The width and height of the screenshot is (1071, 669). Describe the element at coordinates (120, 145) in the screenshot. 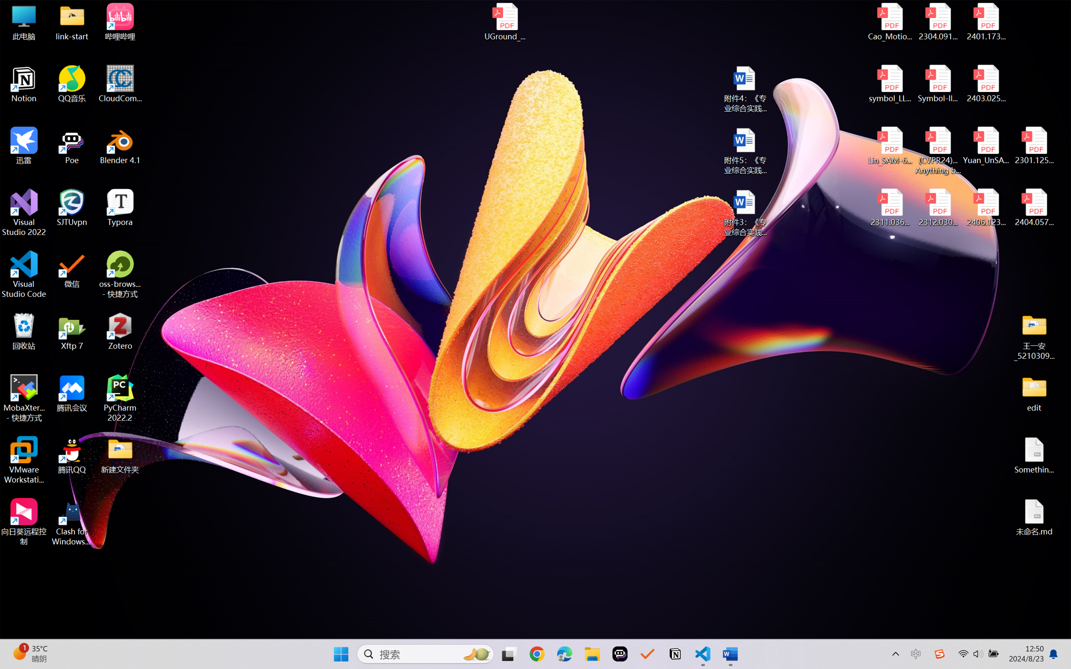

I see `'Blender 4.1'` at that location.